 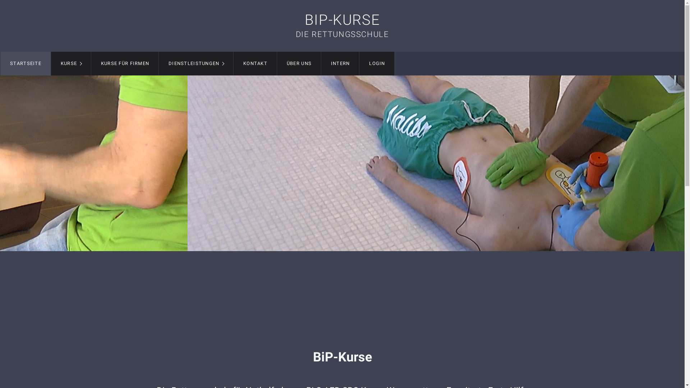 What do you see at coordinates (340, 63) in the screenshot?
I see `'INTERN'` at bounding box center [340, 63].